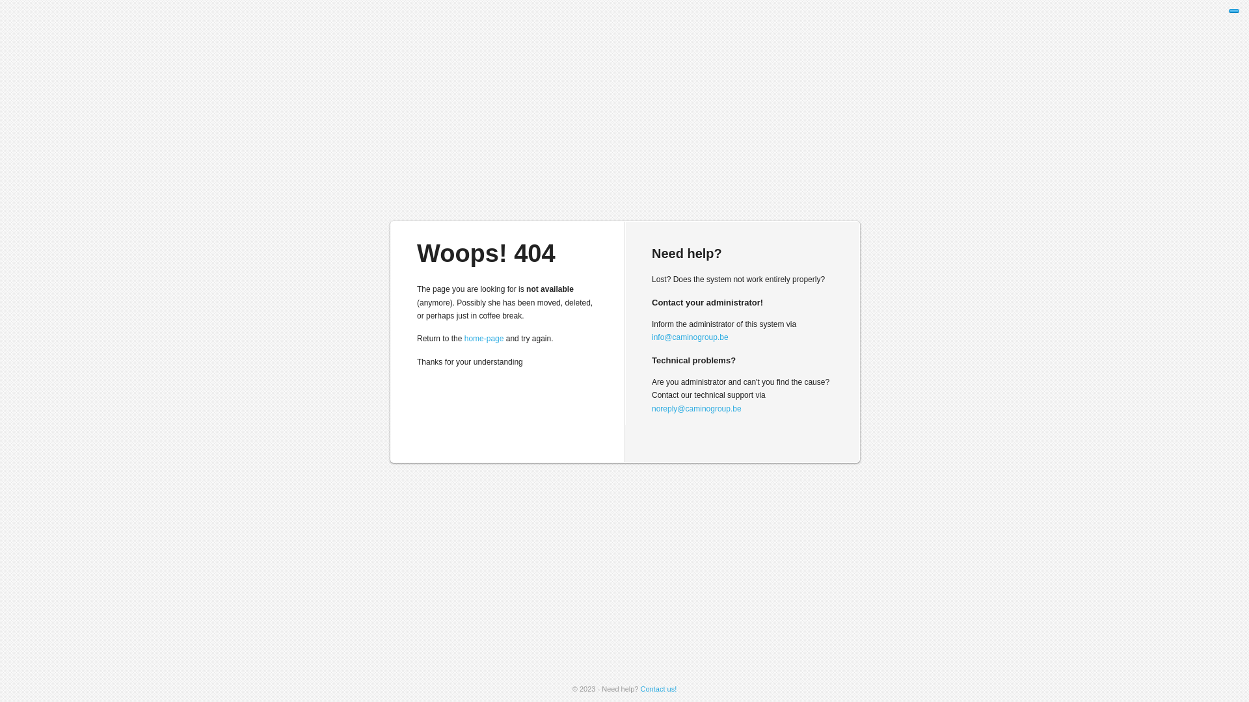 Image resolution: width=1249 pixels, height=702 pixels. Describe the element at coordinates (652, 408) in the screenshot. I see `'noreply@caminogroup.be'` at that location.